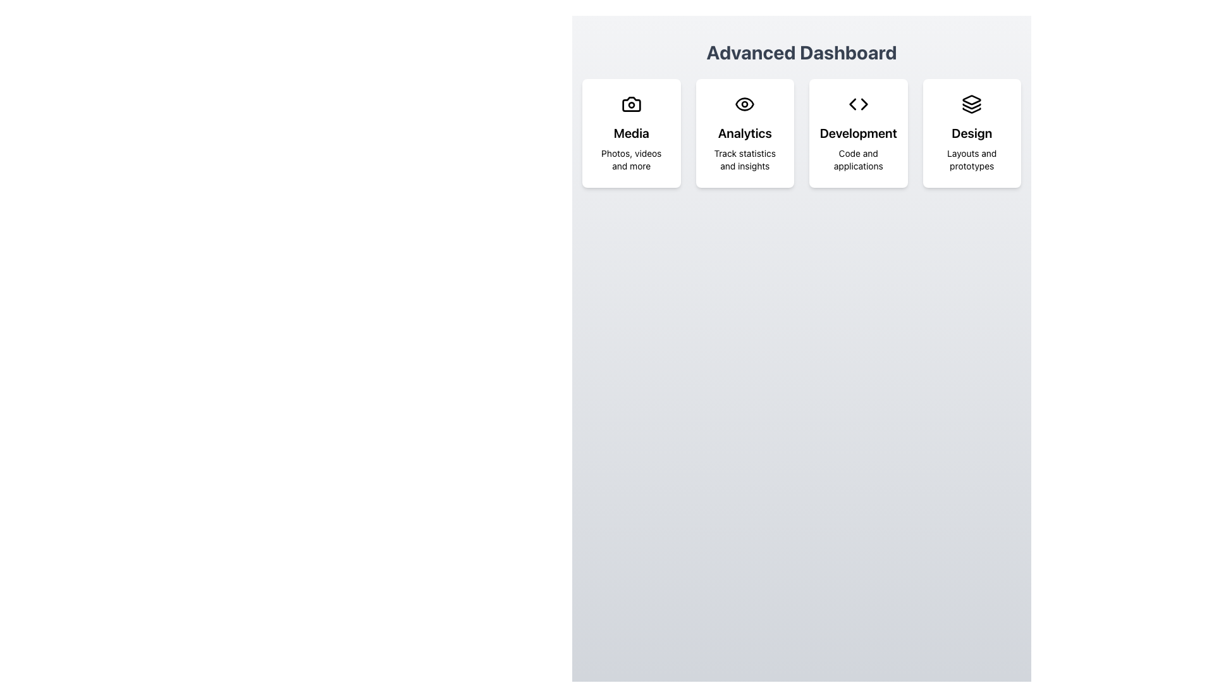 Image resolution: width=1214 pixels, height=683 pixels. I want to click on the title text for the 'Advanced Dashboard' located at the top center of the header area, above the sections 'Media,' 'Analytics,' 'Development,' and 'Design.', so click(800, 52).